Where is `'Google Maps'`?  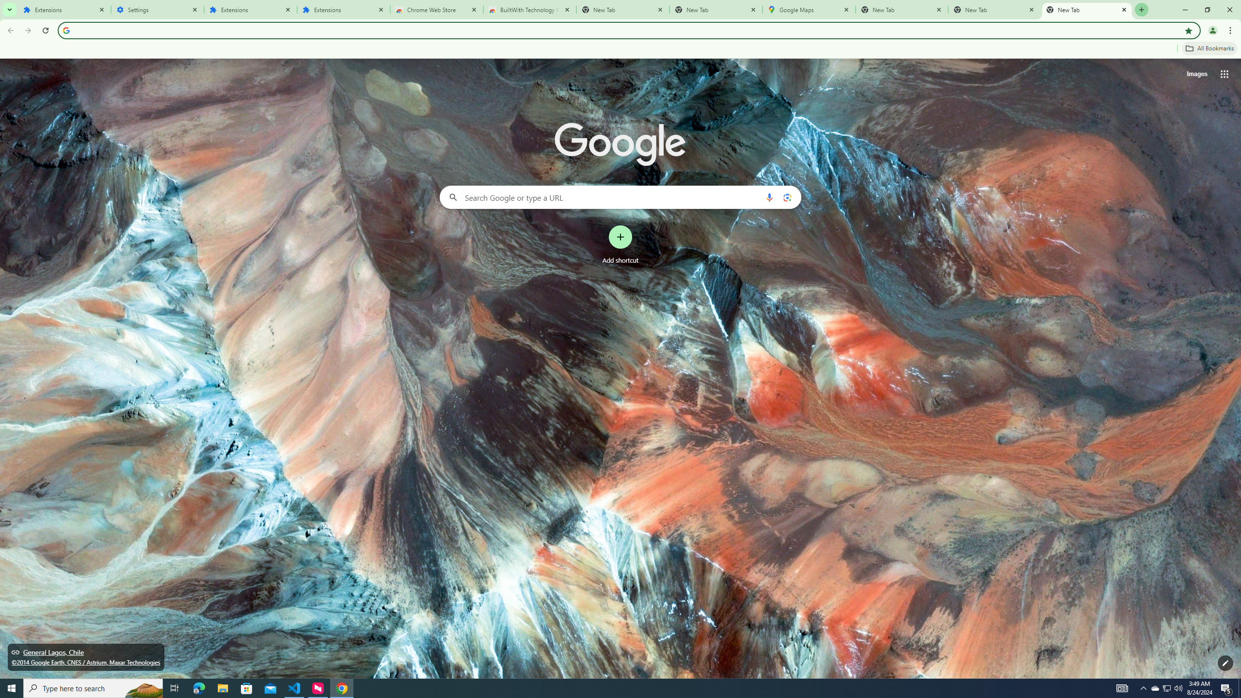
'Google Maps' is located at coordinates (809, 9).